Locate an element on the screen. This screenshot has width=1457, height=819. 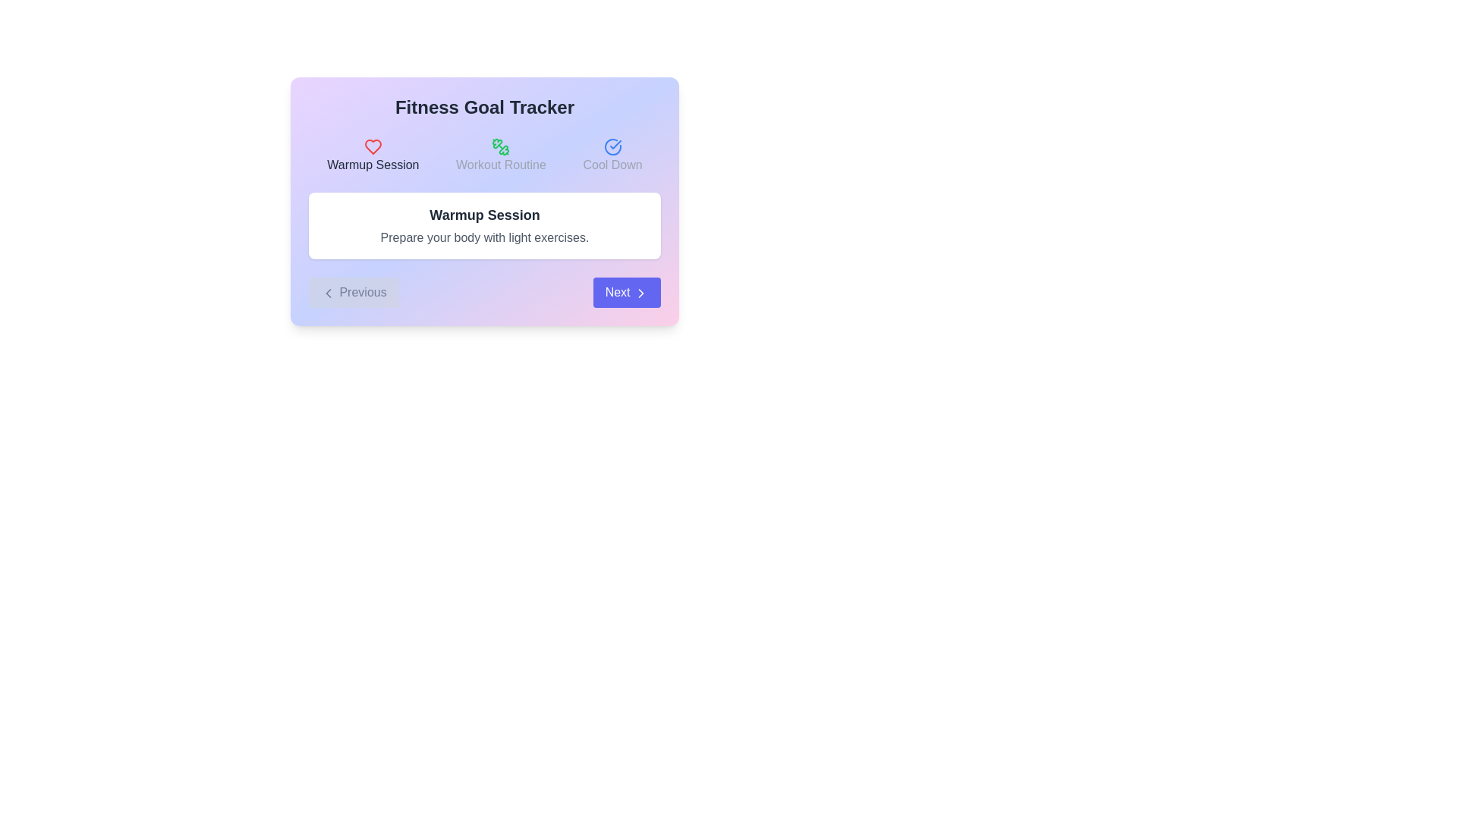
the text label that indicates the selected or available routine type, located centrally in the upper portion of the interface is located at coordinates (501, 165).